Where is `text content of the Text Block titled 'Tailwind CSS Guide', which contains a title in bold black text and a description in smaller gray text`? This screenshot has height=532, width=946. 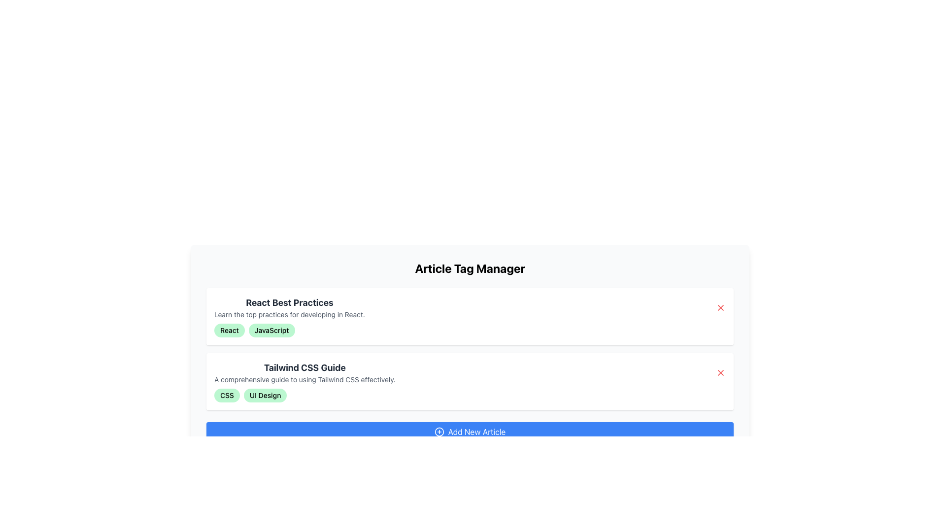 text content of the Text Block titled 'Tailwind CSS Guide', which contains a title in bold black text and a description in smaller gray text is located at coordinates (304, 372).